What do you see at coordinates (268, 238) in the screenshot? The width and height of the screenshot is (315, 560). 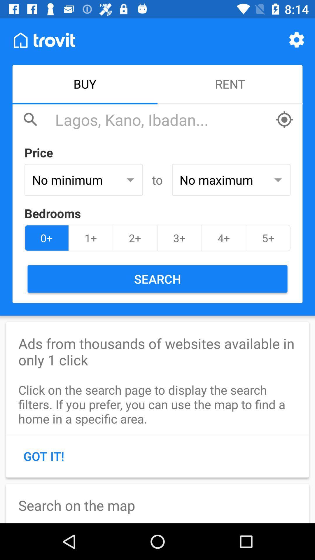 I see `the item to the right of the 4+` at bounding box center [268, 238].